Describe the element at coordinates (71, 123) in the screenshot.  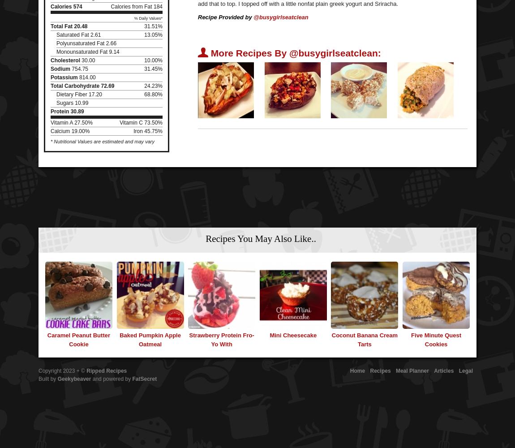
I see `'Vitamin A 27.50%'` at that location.